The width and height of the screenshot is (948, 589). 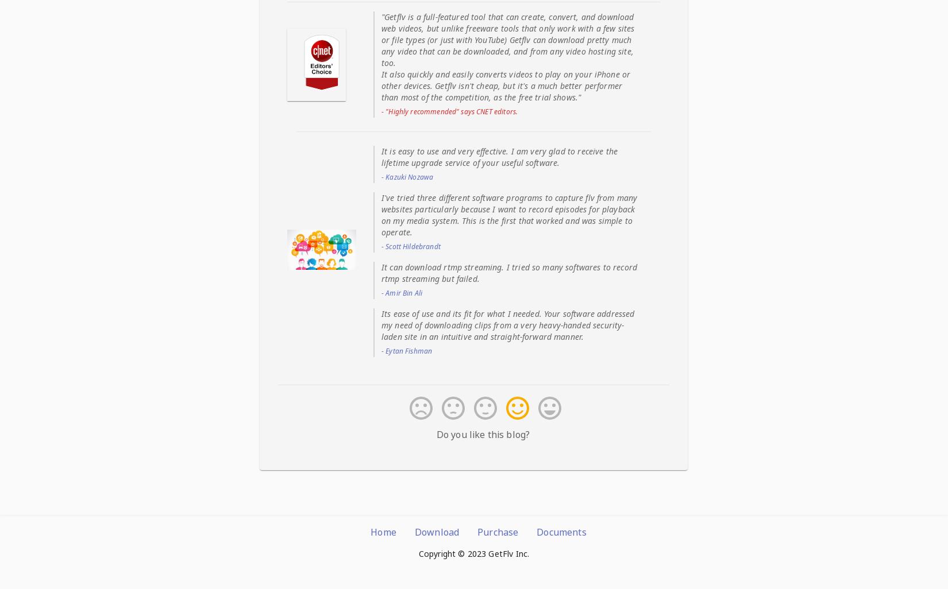 I want to click on 'Inc.', so click(x=521, y=553).